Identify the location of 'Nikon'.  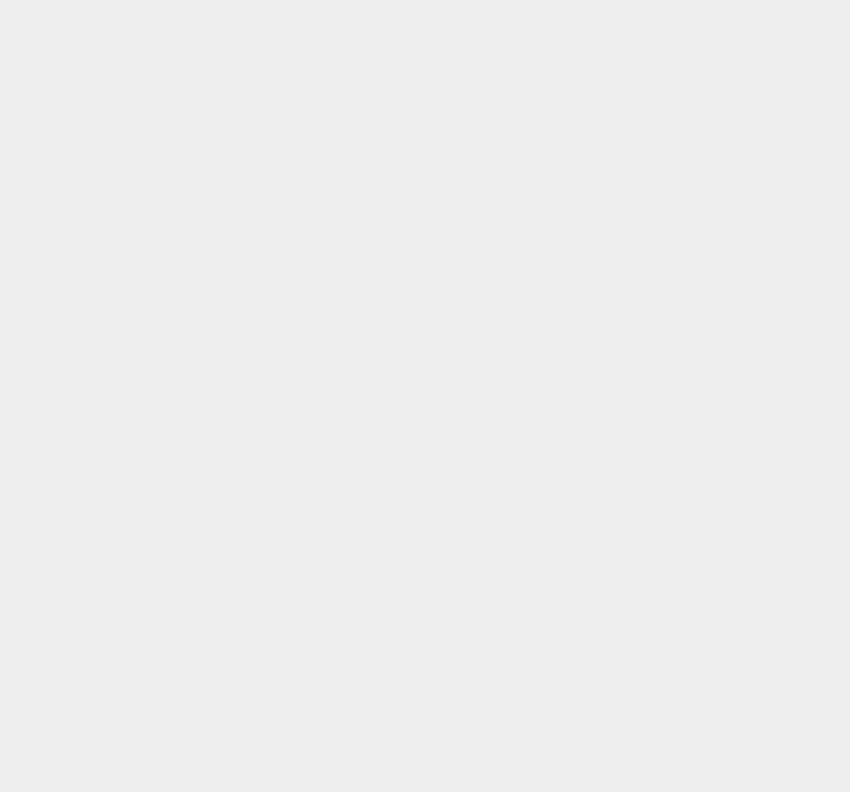
(600, 369).